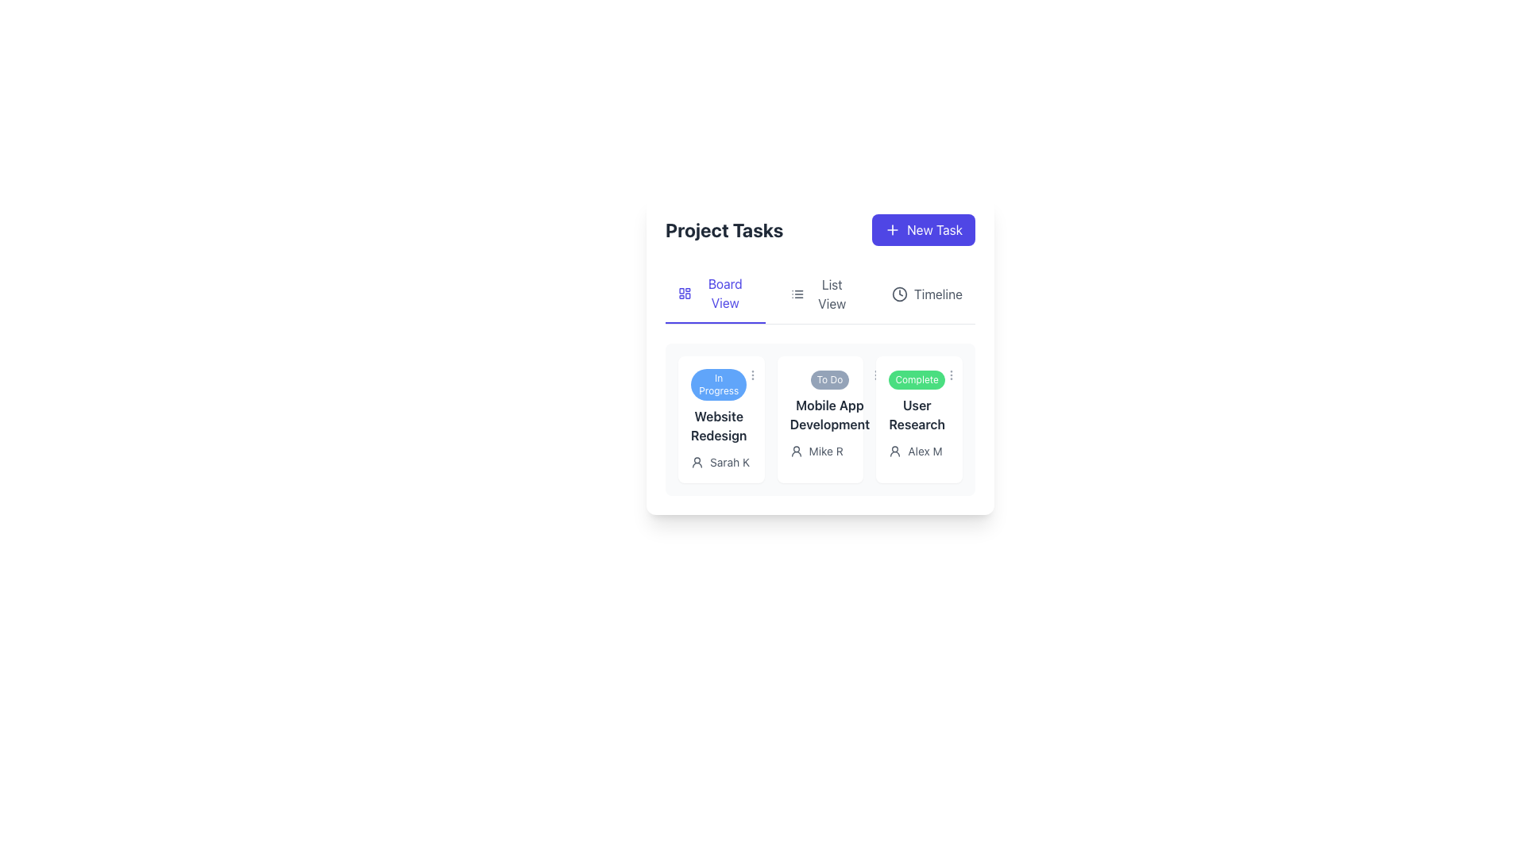  Describe the element at coordinates (718, 385) in the screenshot. I see `status text from the blue rounded rectangular badge labeled 'In Progress', located above the 'Website Redesign' text in the first project card of the Board View` at that location.